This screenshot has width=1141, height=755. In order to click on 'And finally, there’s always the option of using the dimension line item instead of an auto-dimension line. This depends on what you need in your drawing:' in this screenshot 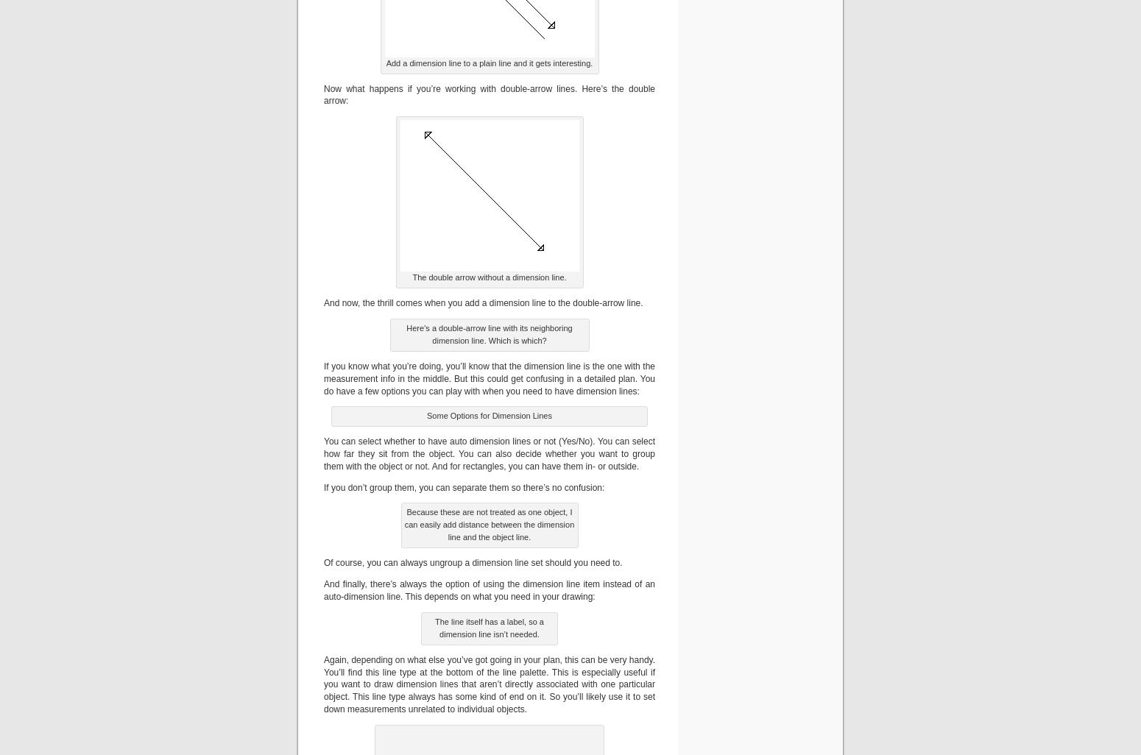, I will do `click(488, 589)`.